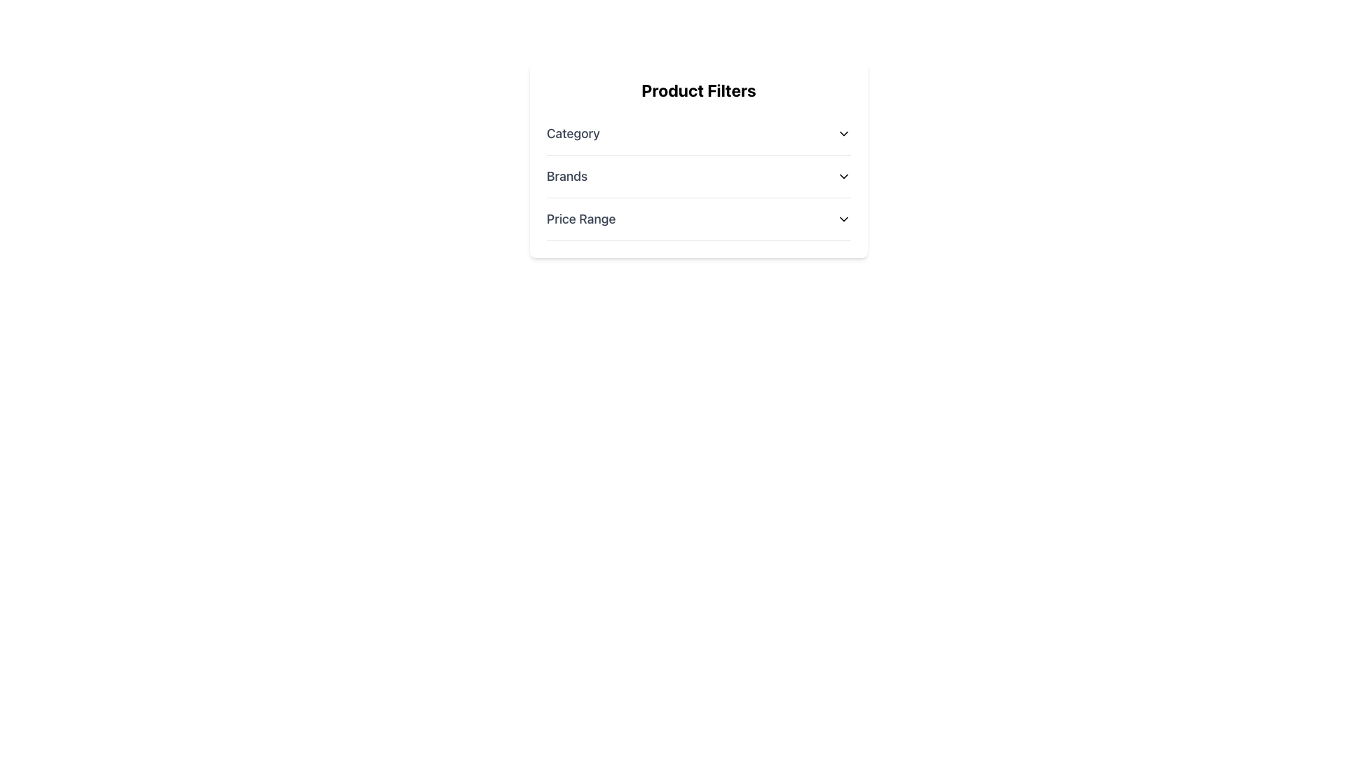  Describe the element at coordinates (699, 176) in the screenshot. I see `the 'Brands' dropdown menu` at that location.